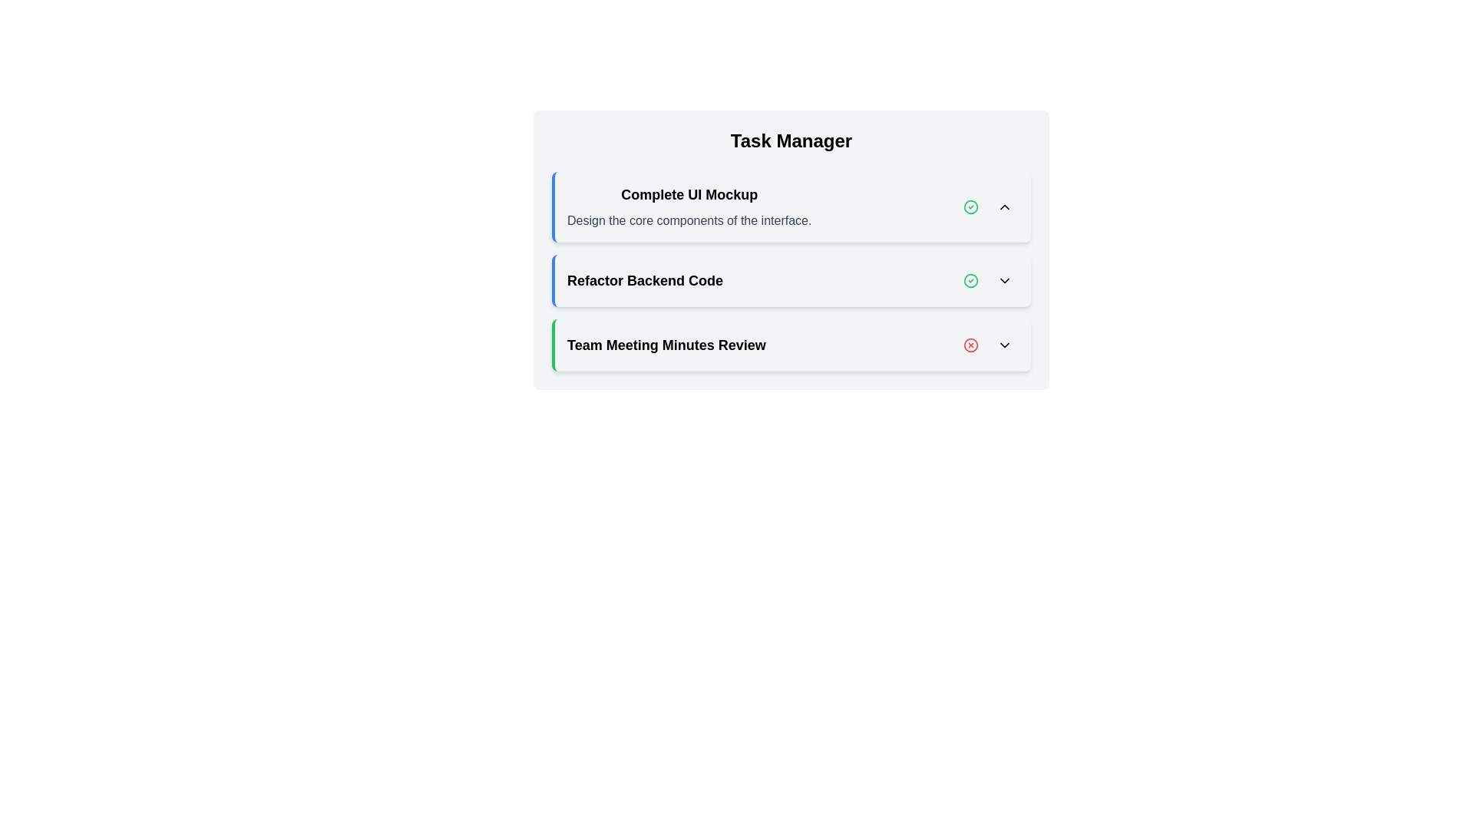 The image size is (1474, 829). Describe the element at coordinates (970, 281) in the screenshot. I see `the button with a vector-based icon to mark the 'Refactor Backend Code' task as completed in the task management interface` at that location.